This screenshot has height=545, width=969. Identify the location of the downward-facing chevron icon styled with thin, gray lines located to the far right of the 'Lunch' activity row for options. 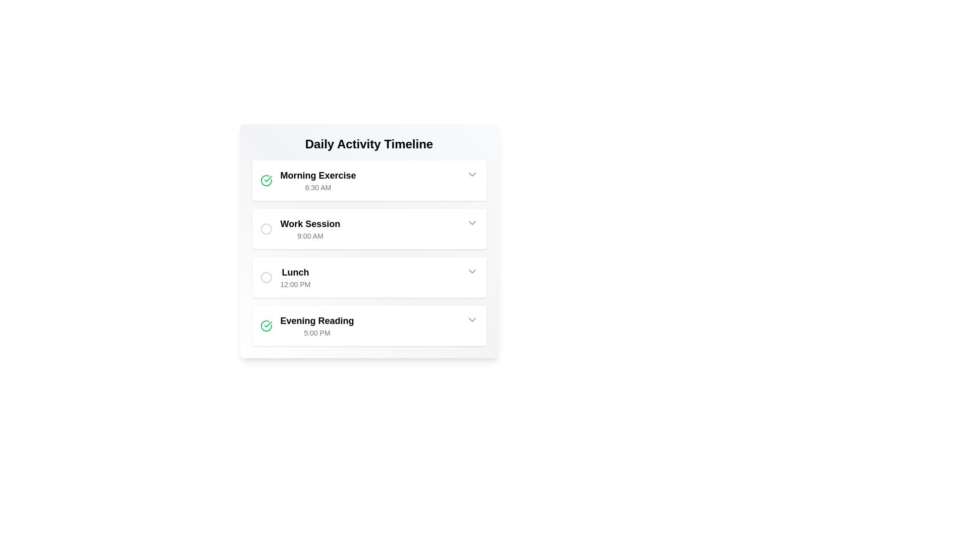
(471, 270).